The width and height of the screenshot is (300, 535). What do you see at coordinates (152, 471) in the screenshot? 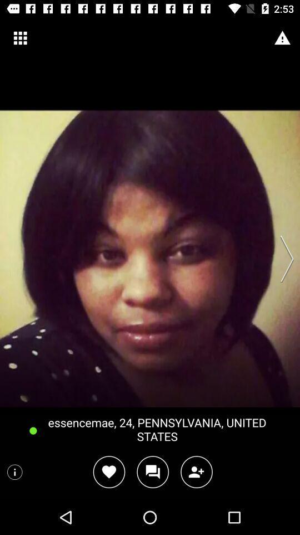
I see `chat box` at bounding box center [152, 471].